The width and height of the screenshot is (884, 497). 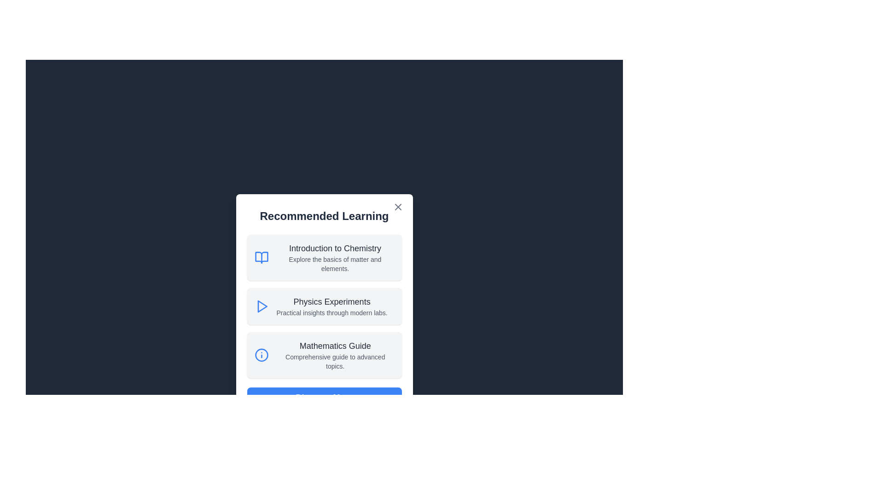 I want to click on the interactive list item labeled 'Mathematics Guide', which is a gray rounded rectangle with a blue circular icon on the left and two lines of text on the right, so click(x=324, y=354).